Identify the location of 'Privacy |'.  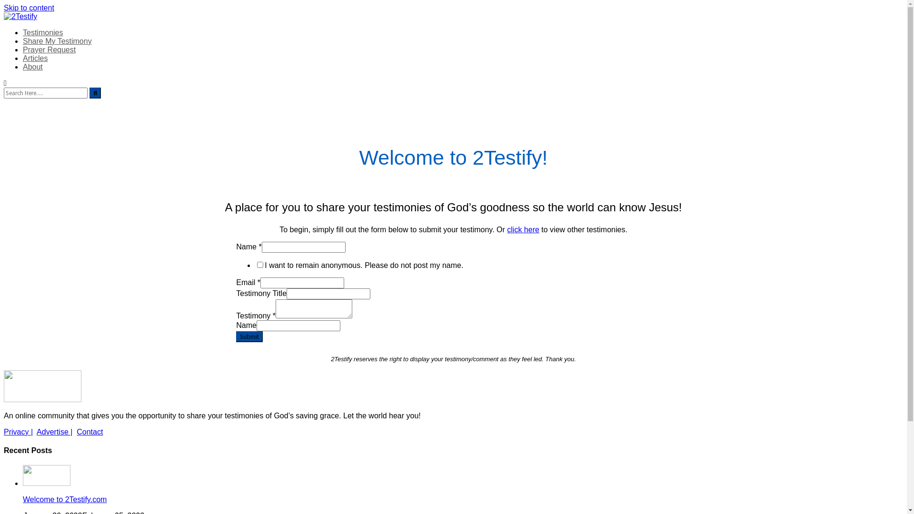
(18, 432).